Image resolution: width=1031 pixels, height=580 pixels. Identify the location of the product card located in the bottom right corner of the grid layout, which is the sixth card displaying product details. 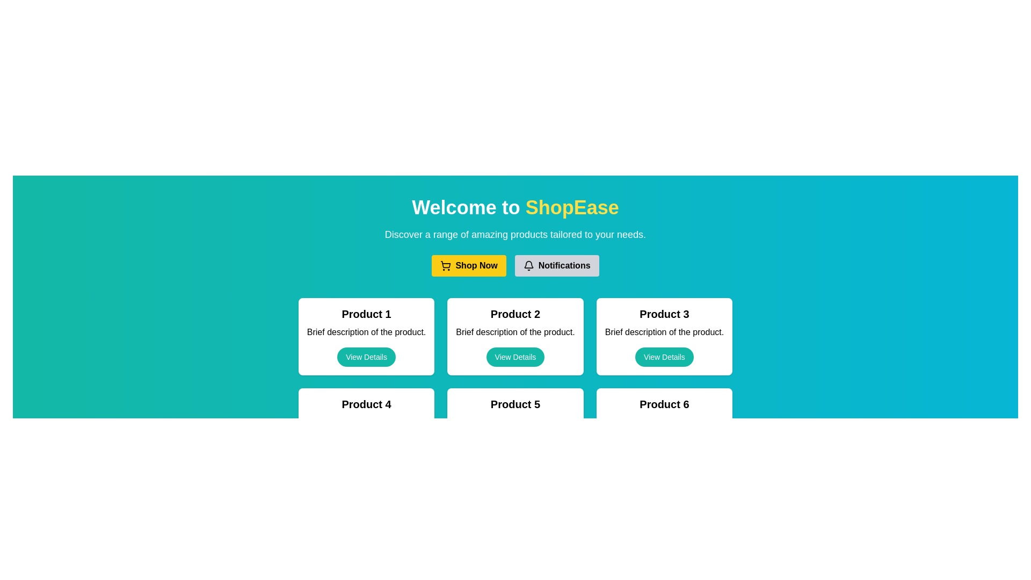
(664, 426).